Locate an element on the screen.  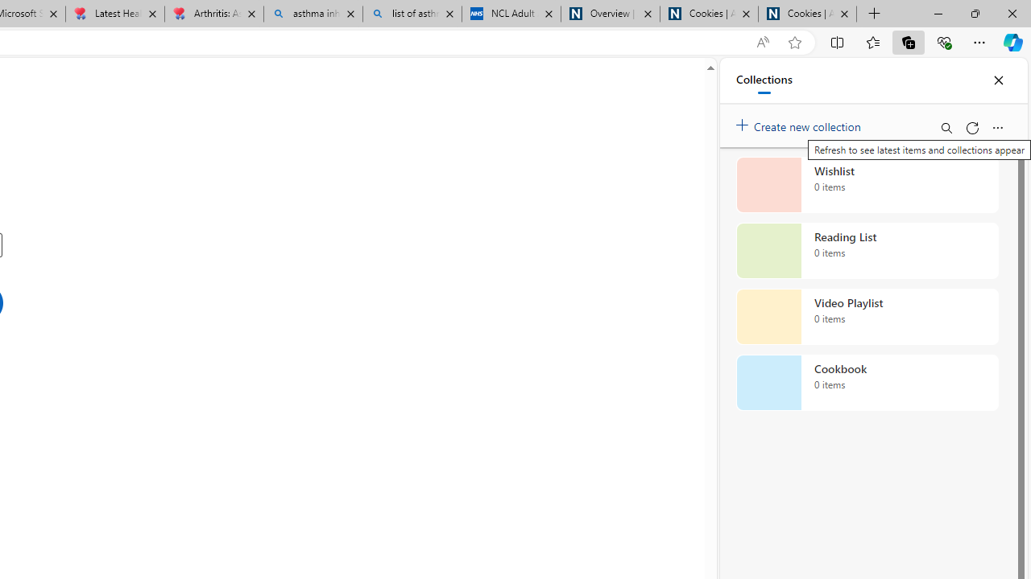
'Cookbook collection, 0 items' is located at coordinates (867, 382).